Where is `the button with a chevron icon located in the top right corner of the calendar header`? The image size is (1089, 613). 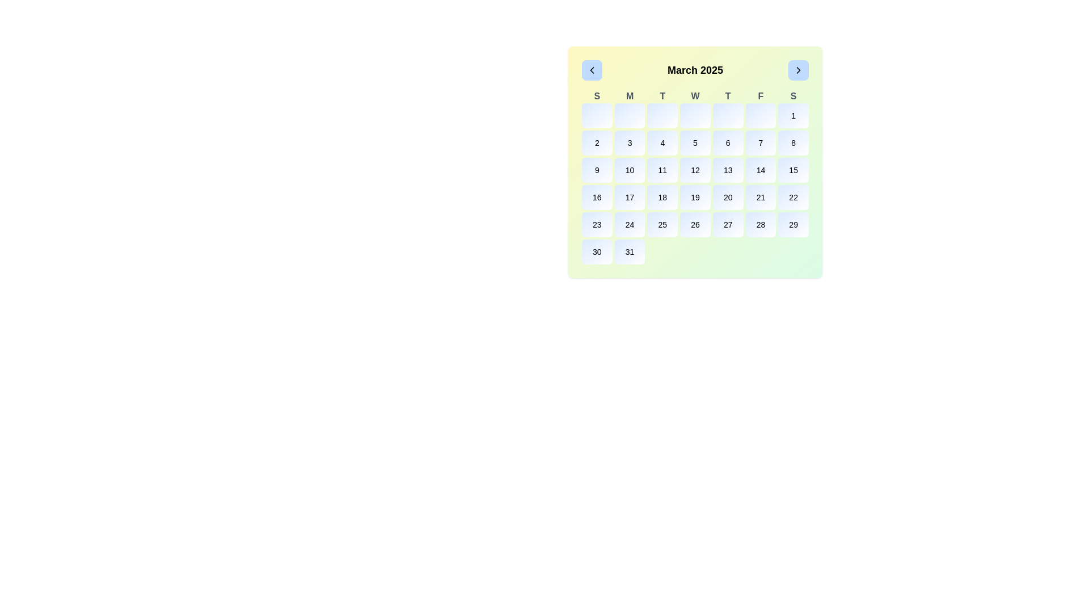
the button with a chevron icon located in the top right corner of the calendar header is located at coordinates (797, 70).